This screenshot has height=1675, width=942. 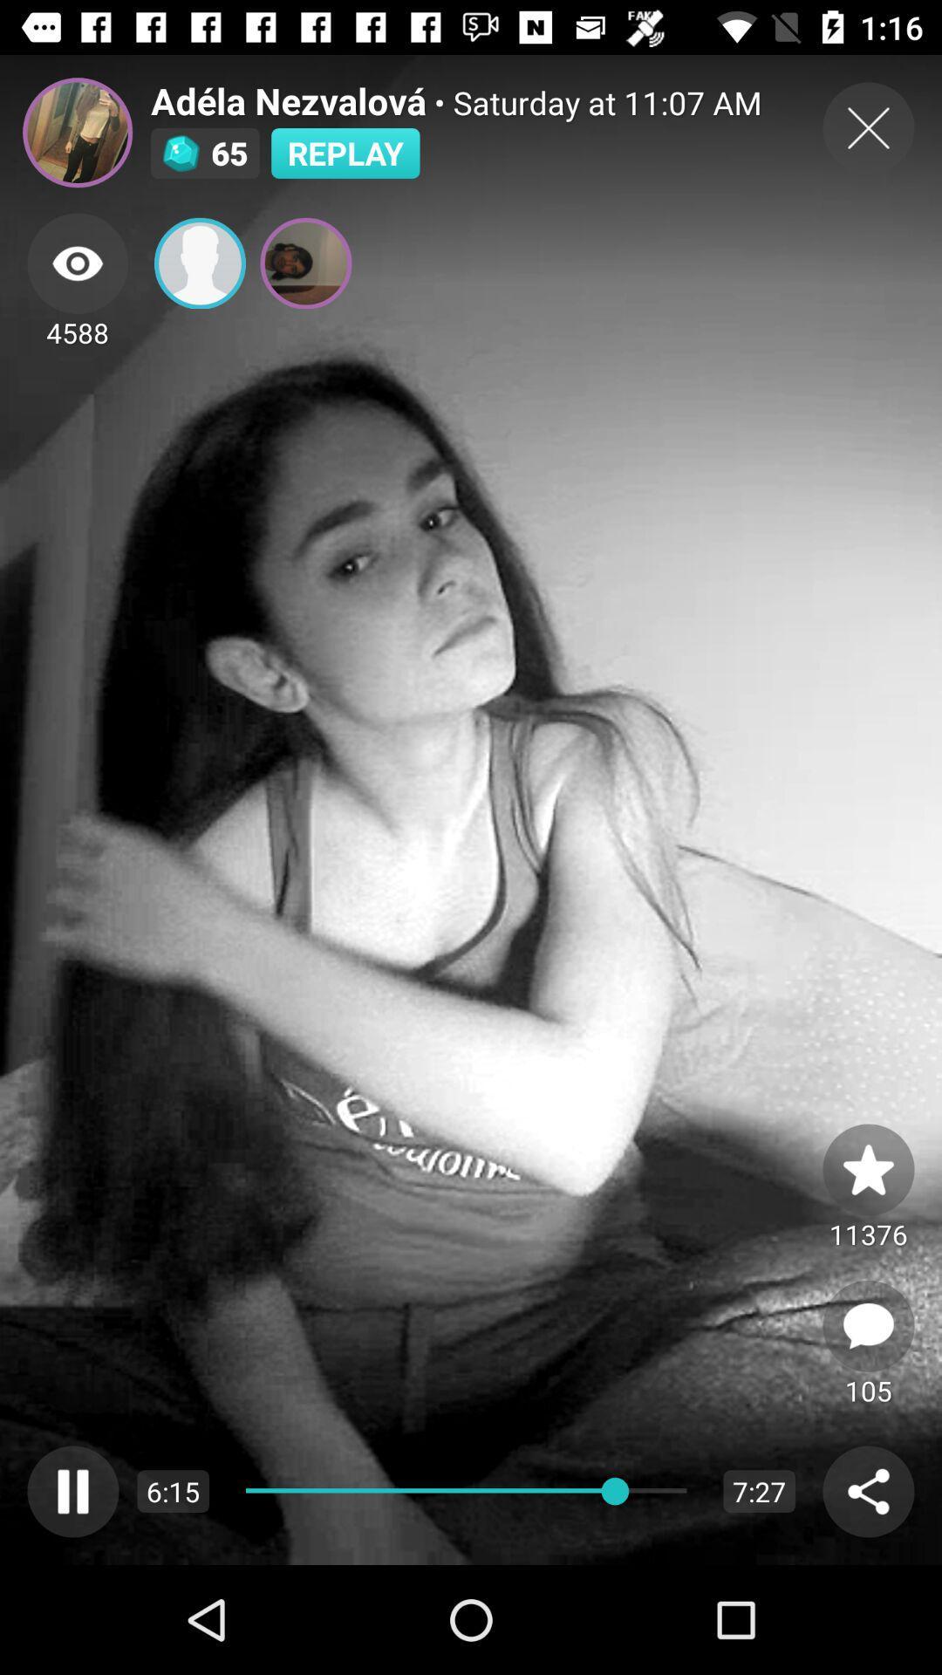 What do you see at coordinates (868, 1490) in the screenshot?
I see `share` at bounding box center [868, 1490].